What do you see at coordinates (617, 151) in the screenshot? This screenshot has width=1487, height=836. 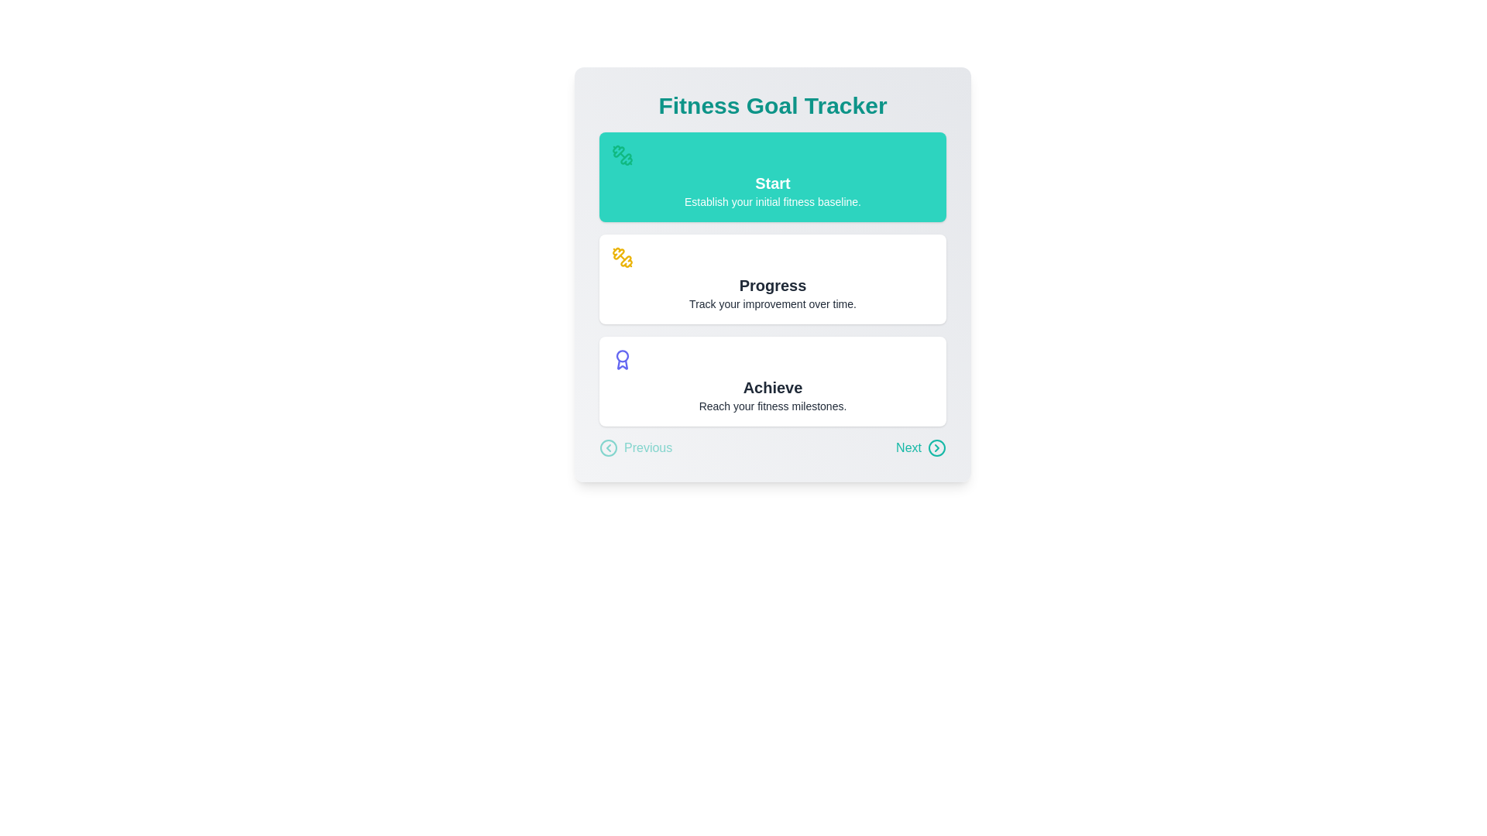 I see `the decorative part of the 'Start' section icon, which is the leftmost subcomponent in the green rectangular area labeled 'Start'` at bounding box center [617, 151].